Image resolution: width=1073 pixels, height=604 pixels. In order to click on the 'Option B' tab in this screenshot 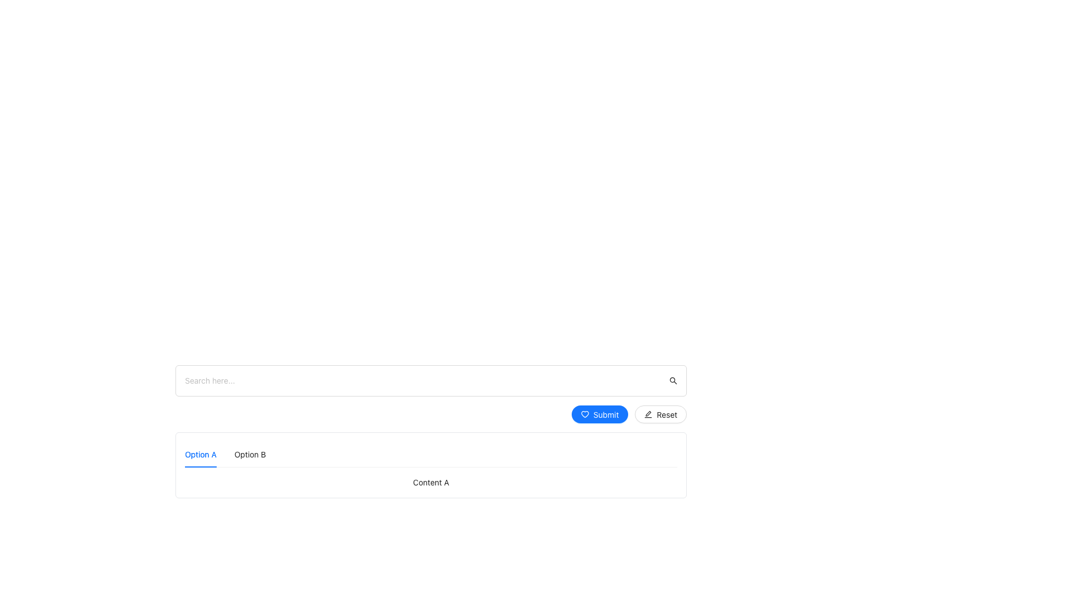, I will do `click(249, 455)`.